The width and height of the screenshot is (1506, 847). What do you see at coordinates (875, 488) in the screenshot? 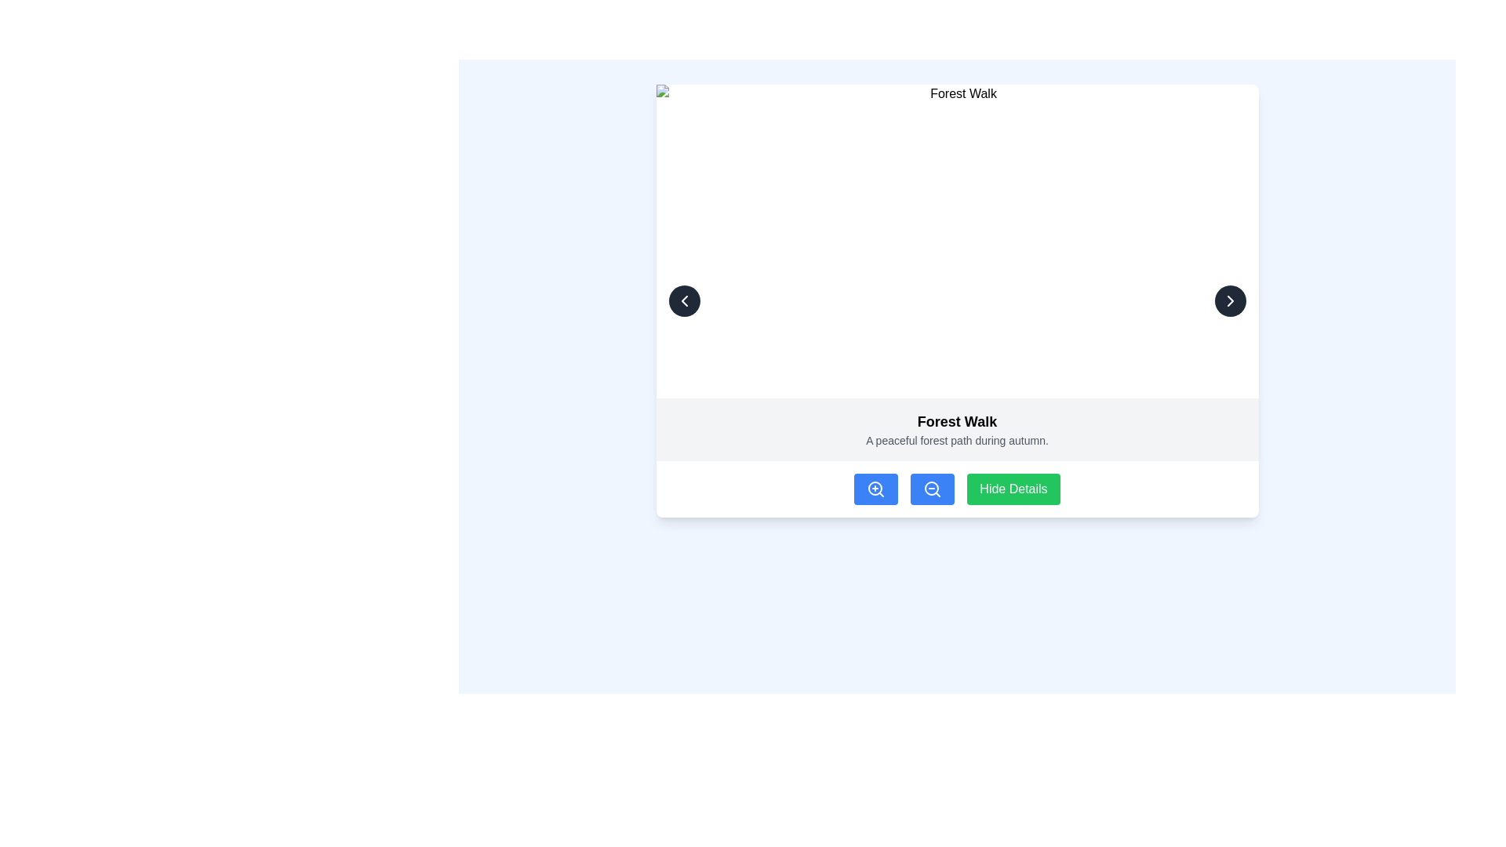
I see `the SVG Circle that represents the lens component of the zoom-in action icon located below the image and title section` at bounding box center [875, 488].